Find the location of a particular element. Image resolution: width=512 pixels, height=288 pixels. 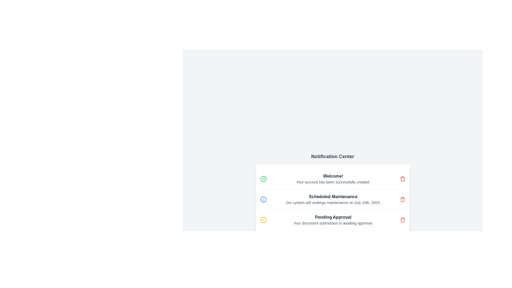

the 'Notification Center' text label, which is bold and prominently displayed at the top of the notification panel is located at coordinates (332, 156).